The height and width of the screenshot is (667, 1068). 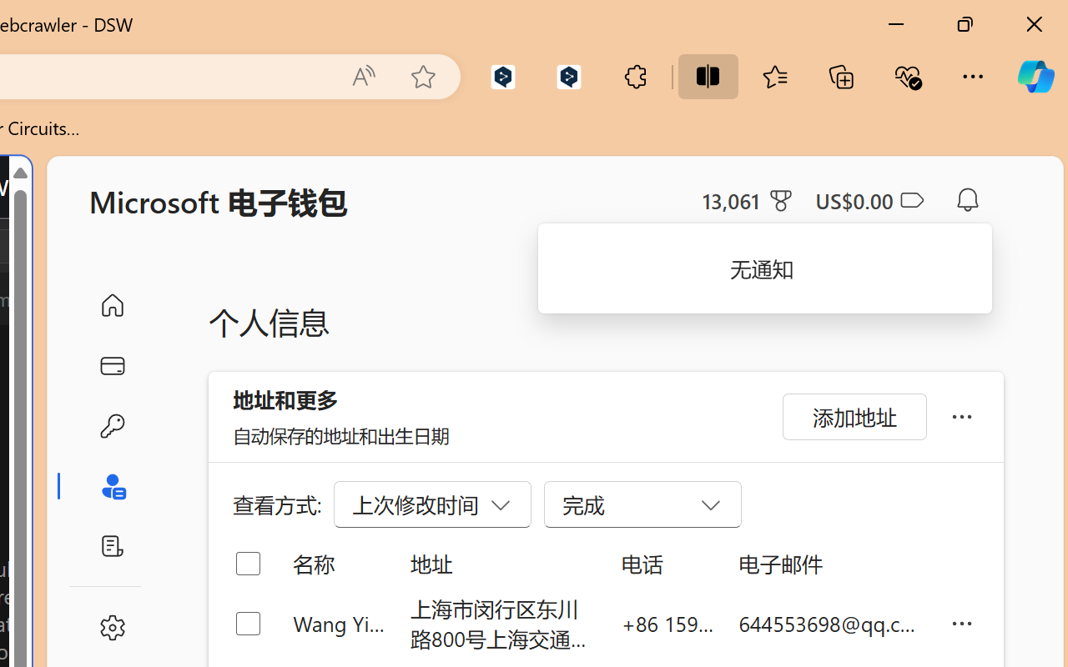 I want to click on 'Wang Yian', so click(x=338, y=623).